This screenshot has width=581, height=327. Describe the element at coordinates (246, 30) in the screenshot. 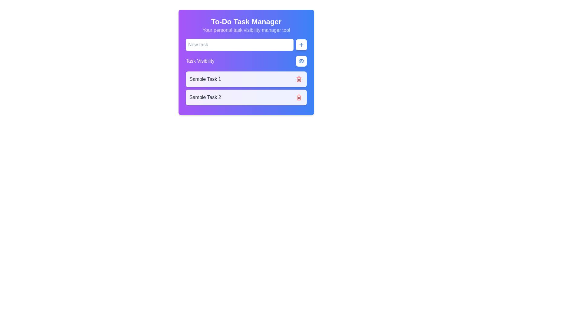

I see `the text label displaying 'Your personal task visibility manager tool', which is centered below the title 'To-Do Task Manager' in a panel with a gradient background` at that location.